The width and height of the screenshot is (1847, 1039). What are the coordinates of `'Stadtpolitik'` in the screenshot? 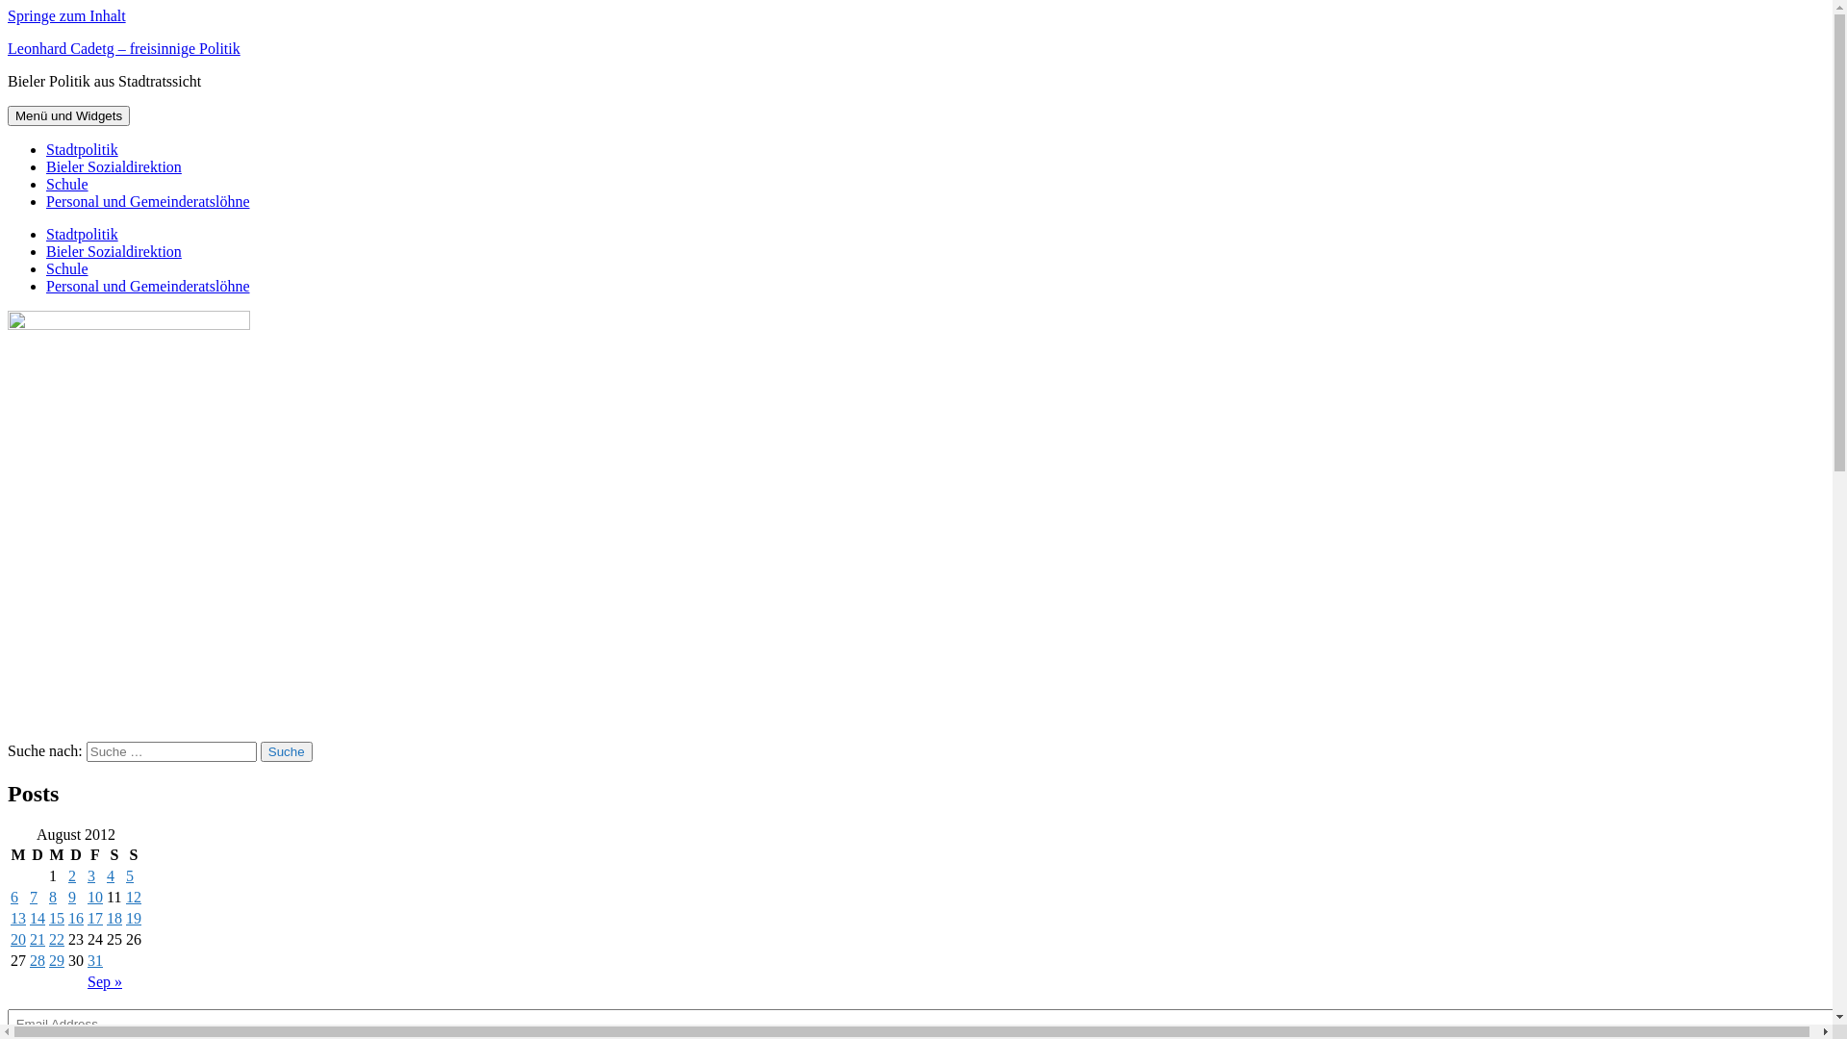 It's located at (46, 148).